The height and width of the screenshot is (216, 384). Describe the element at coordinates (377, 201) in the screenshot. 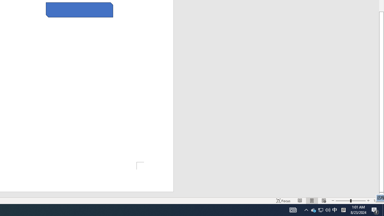

I see `'Zoom 104%'` at that location.